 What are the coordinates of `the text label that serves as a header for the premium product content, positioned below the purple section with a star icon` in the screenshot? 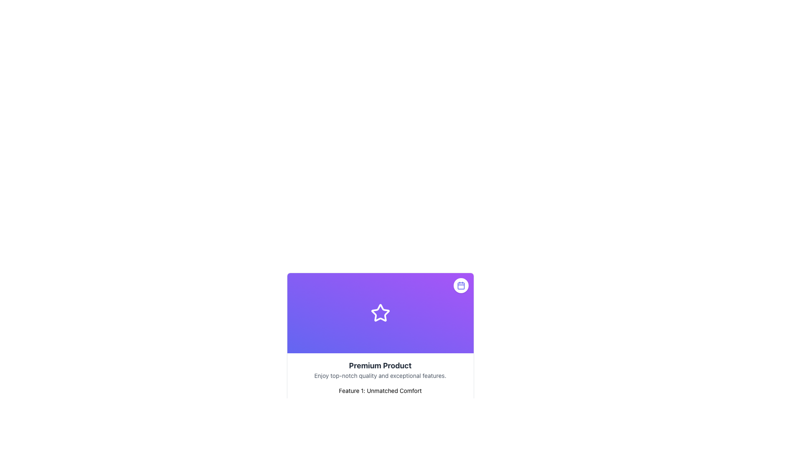 It's located at (380, 365).